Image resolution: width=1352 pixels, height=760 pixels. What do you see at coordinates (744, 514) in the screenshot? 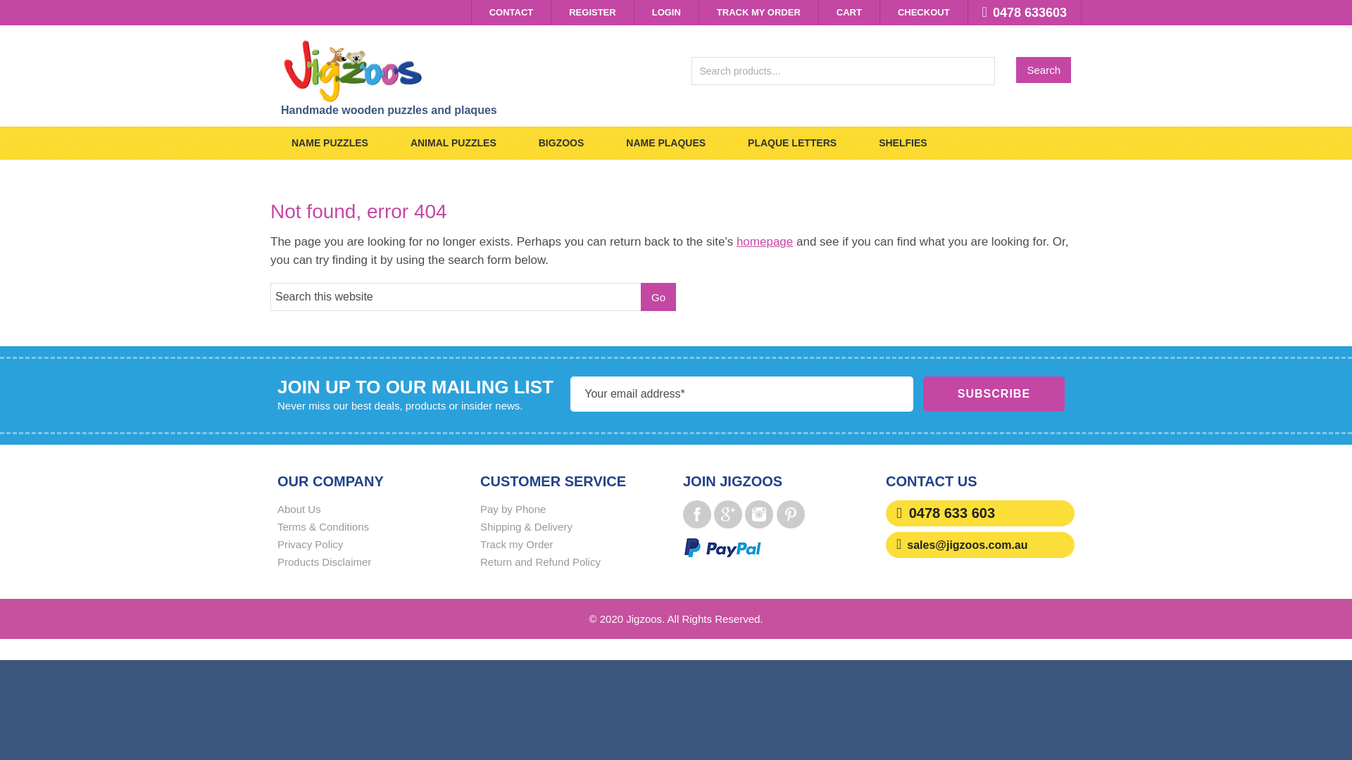
I see `' '` at bounding box center [744, 514].